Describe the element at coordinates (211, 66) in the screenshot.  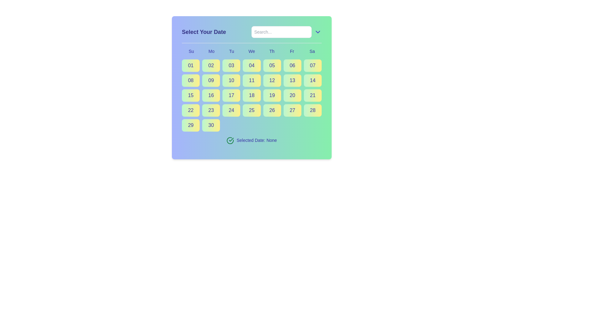
I see `the second button in the calendar grid layout labeled '02'` at that location.